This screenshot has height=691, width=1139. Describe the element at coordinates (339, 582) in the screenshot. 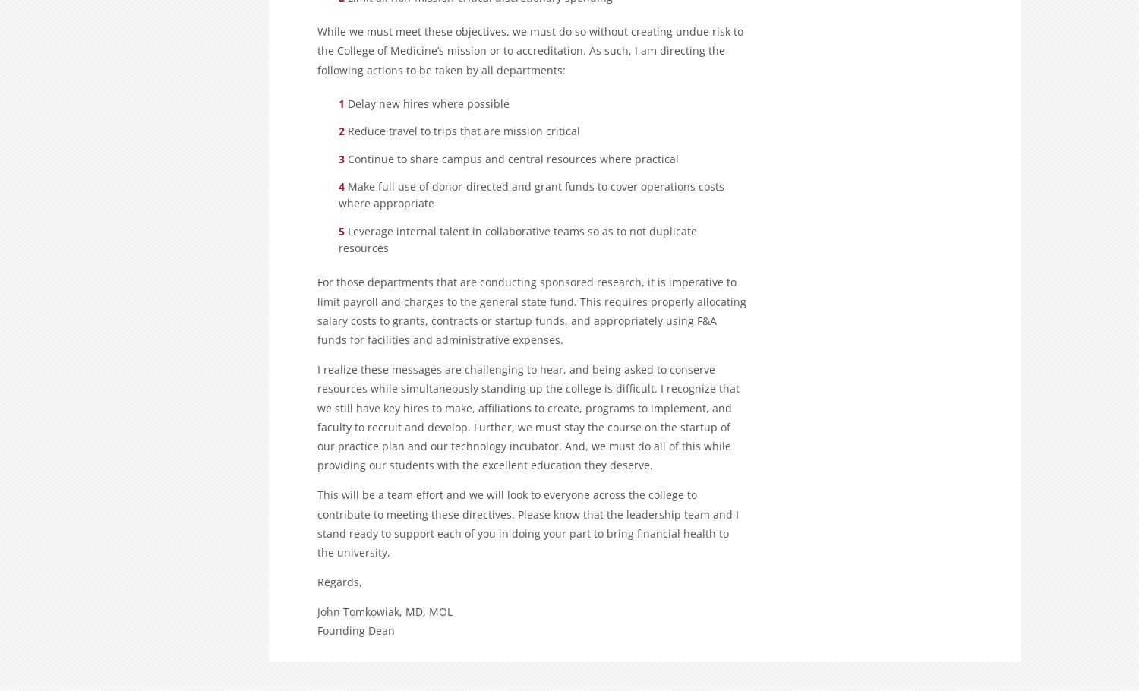

I see `'Regards,'` at that location.